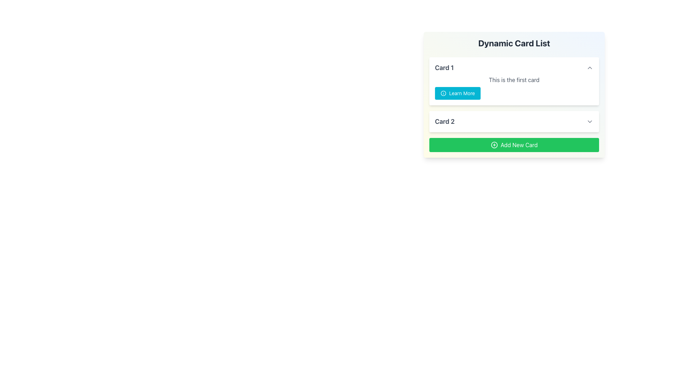  I want to click on the static text that serves as a descriptive label for the first card in the list, which is located above the 'Learn More' button, so click(514, 80).